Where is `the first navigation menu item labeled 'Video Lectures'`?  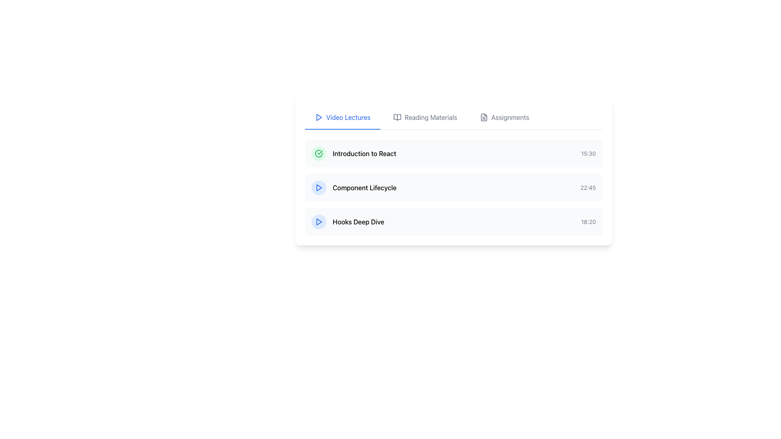
the first navigation menu item labeled 'Video Lectures' is located at coordinates (348, 117).